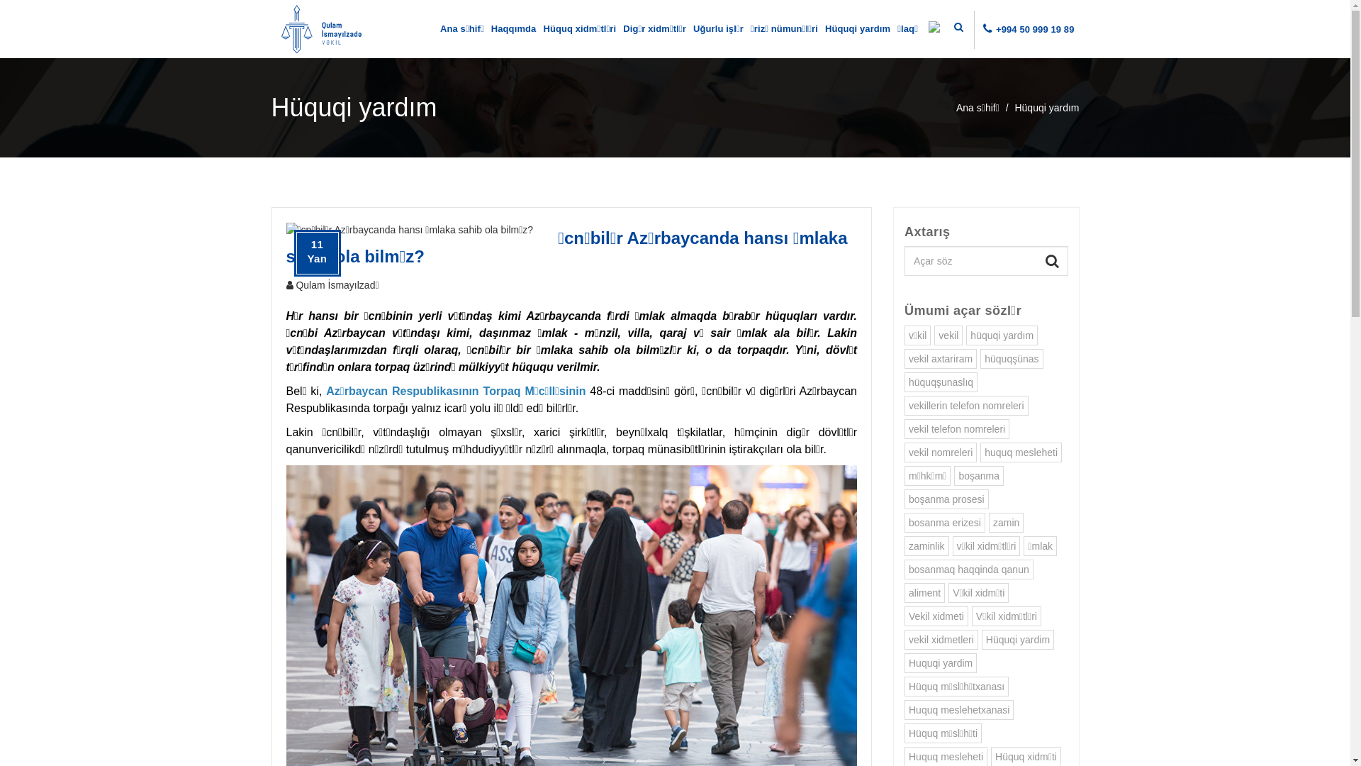 The height and width of the screenshot is (766, 1361). Describe the element at coordinates (904, 452) in the screenshot. I see `'vekil nomreleri'` at that location.